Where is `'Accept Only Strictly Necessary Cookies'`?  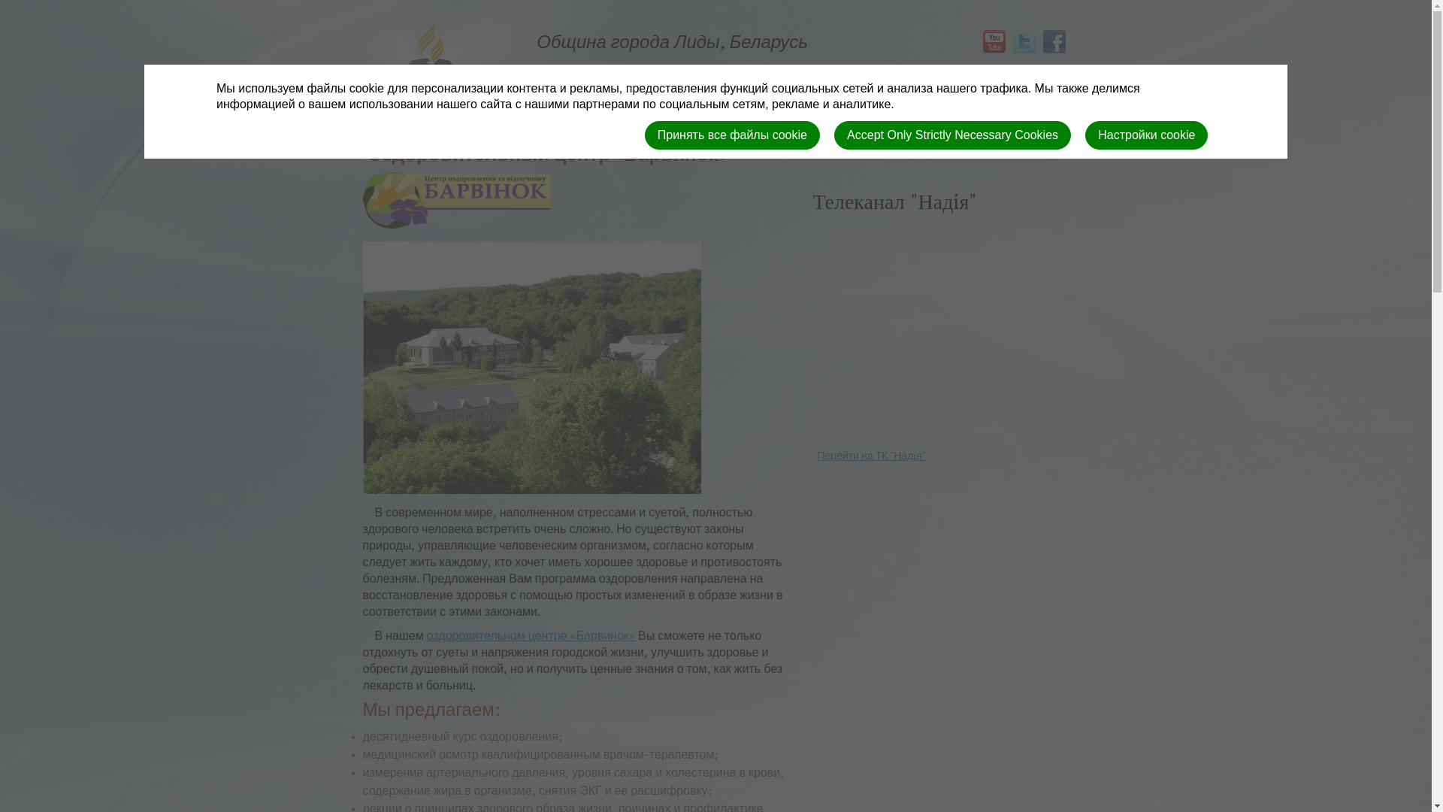 'Accept Only Strictly Necessary Cookies' is located at coordinates (833, 134).